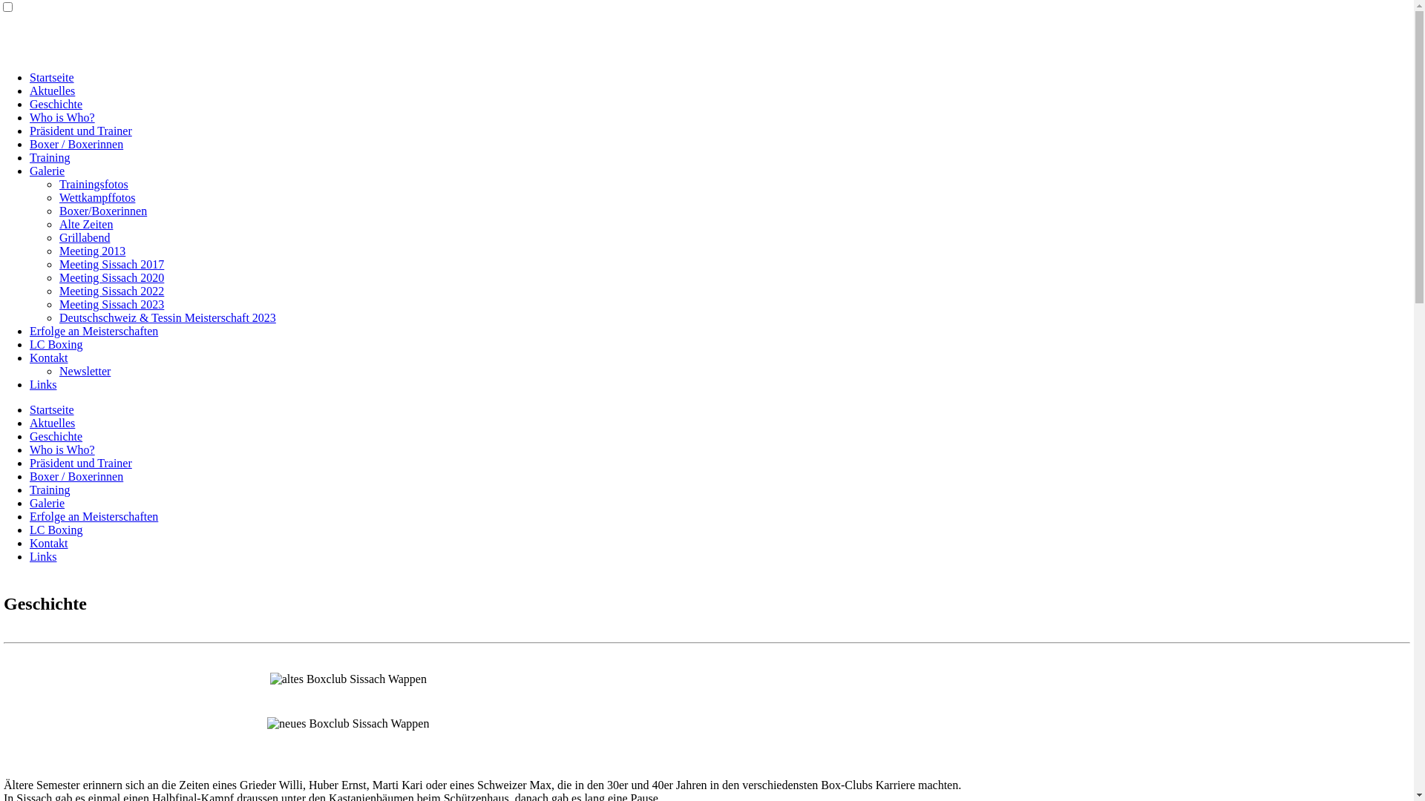 The width and height of the screenshot is (1425, 801). What do you see at coordinates (42, 556) in the screenshot?
I see `'Links'` at bounding box center [42, 556].